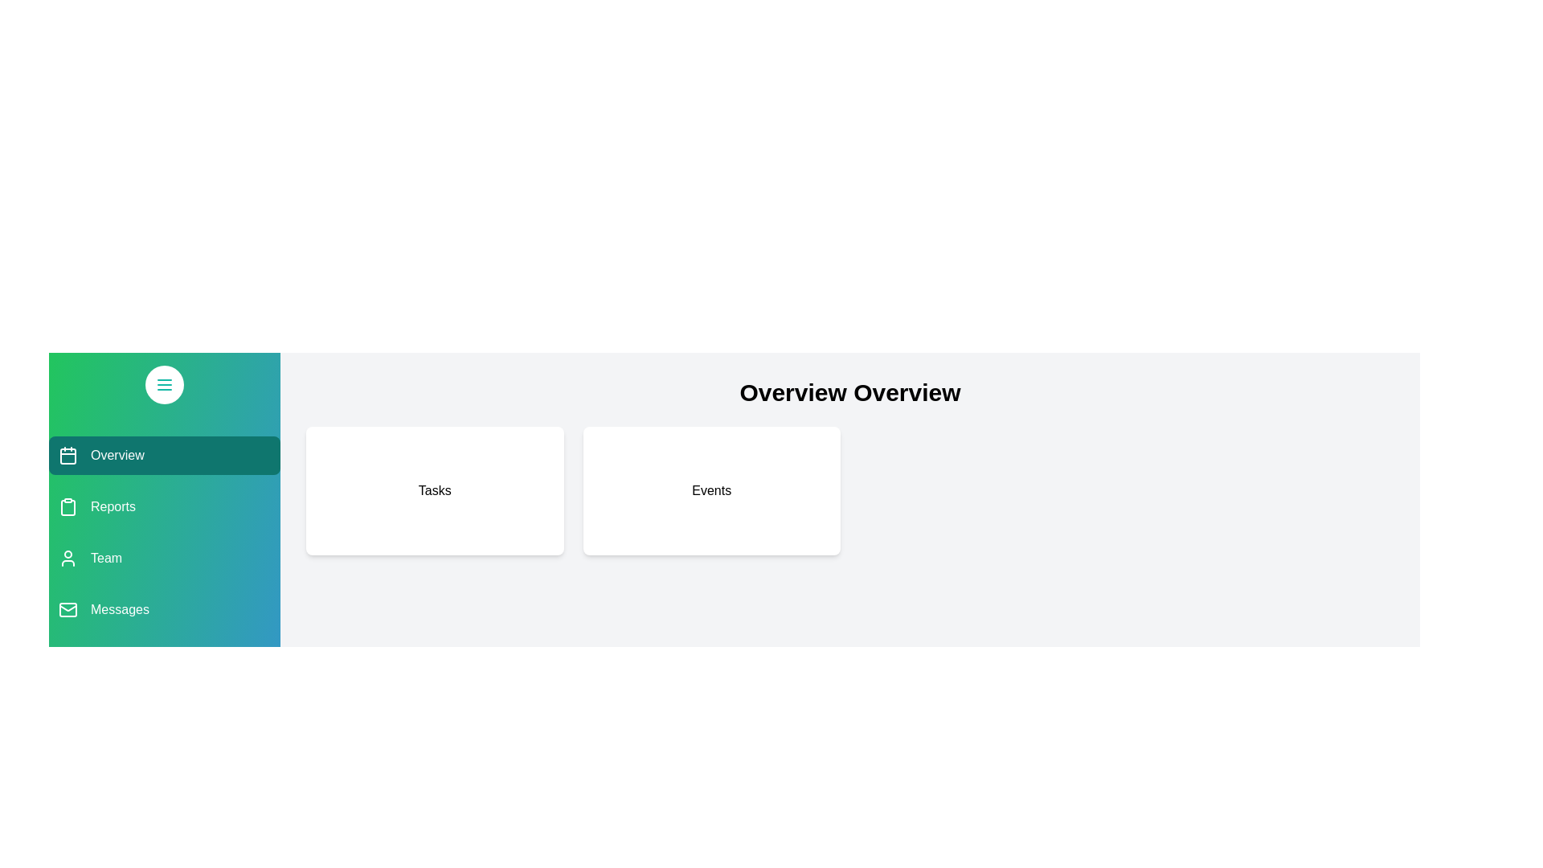 This screenshot has height=868, width=1543. I want to click on the feature card labeled Tasks in the main content area, so click(435, 489).